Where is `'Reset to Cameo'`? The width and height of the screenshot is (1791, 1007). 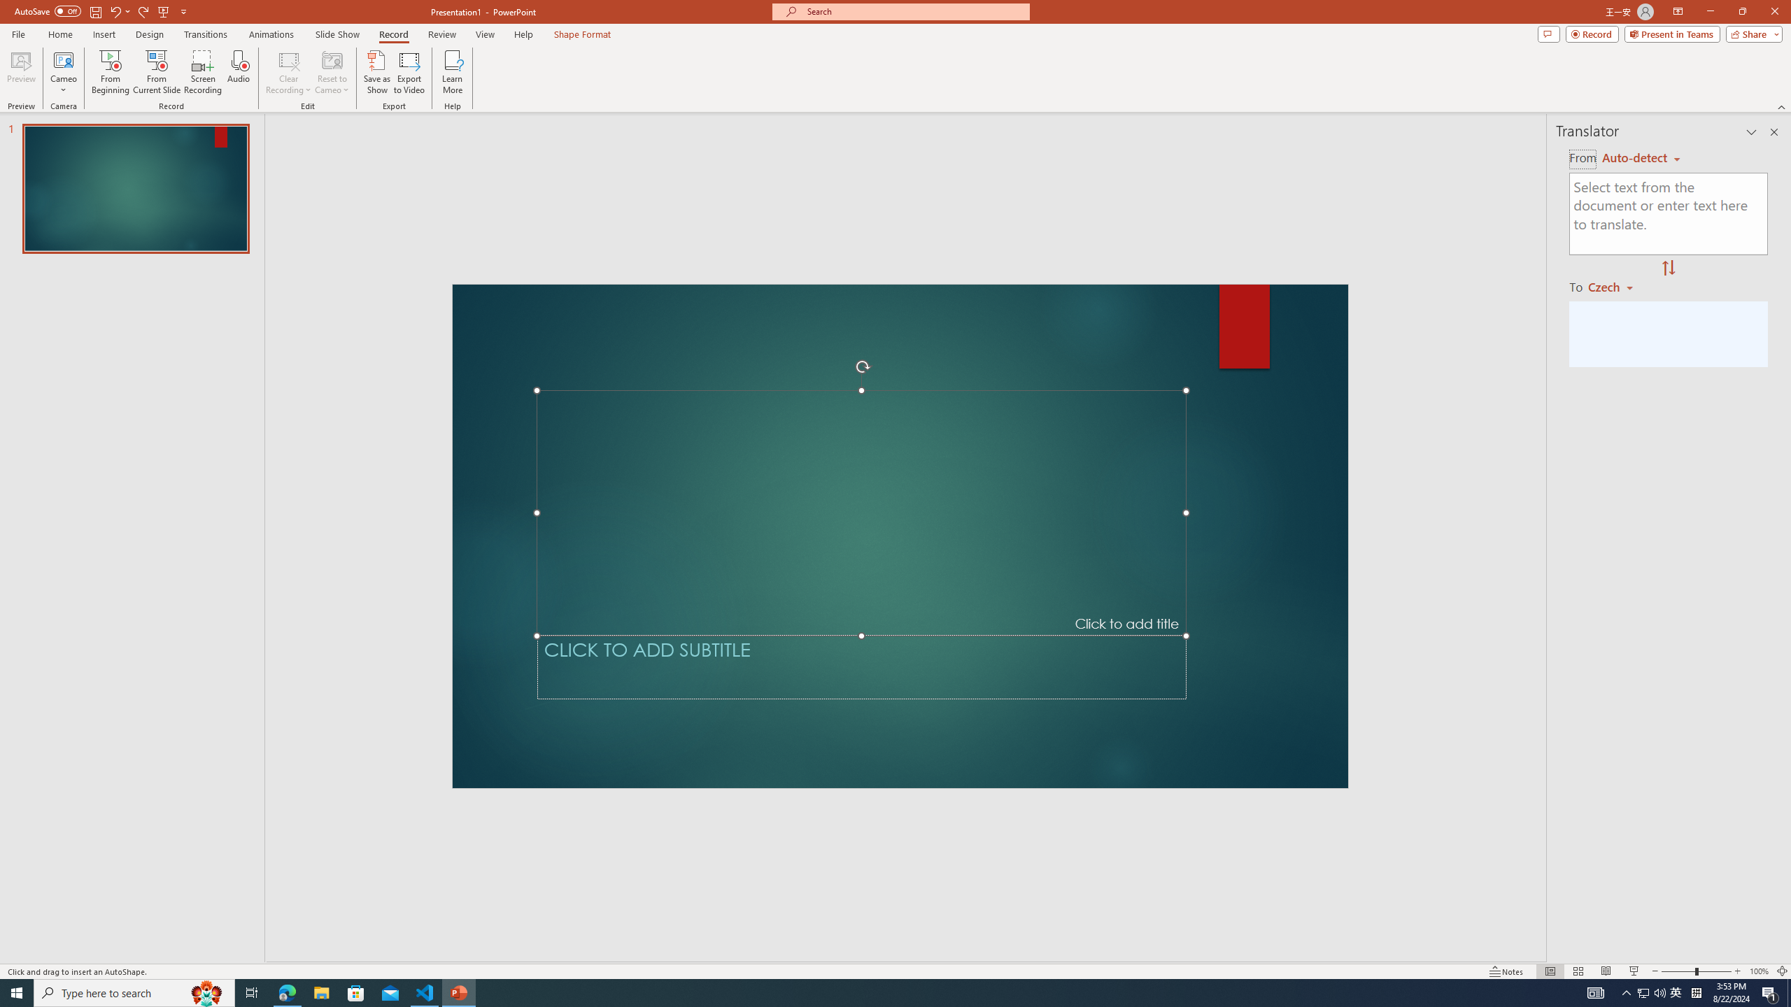 'Reset to Cameo' is located at coordinates (331, 72).